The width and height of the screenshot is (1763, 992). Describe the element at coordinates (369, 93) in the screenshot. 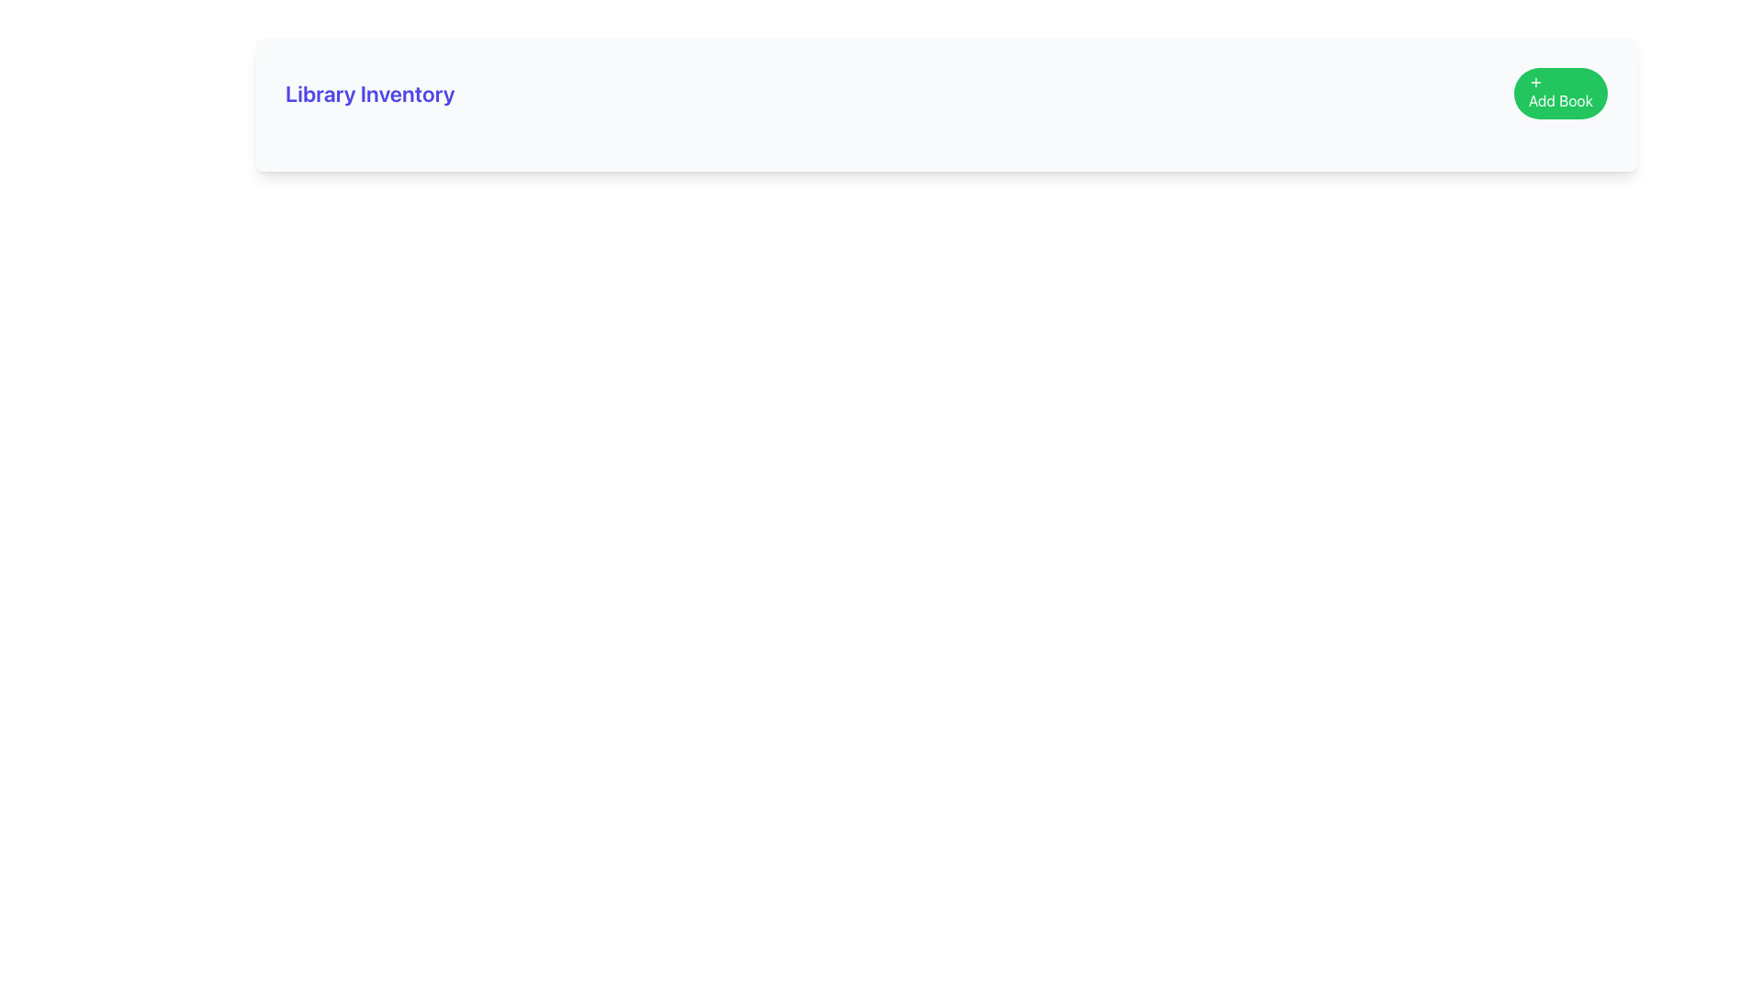

I see `the static text element displaying 'Library Inventory' which is styled in bold and large indigo font, located at the top-left part of the interface` at that location.